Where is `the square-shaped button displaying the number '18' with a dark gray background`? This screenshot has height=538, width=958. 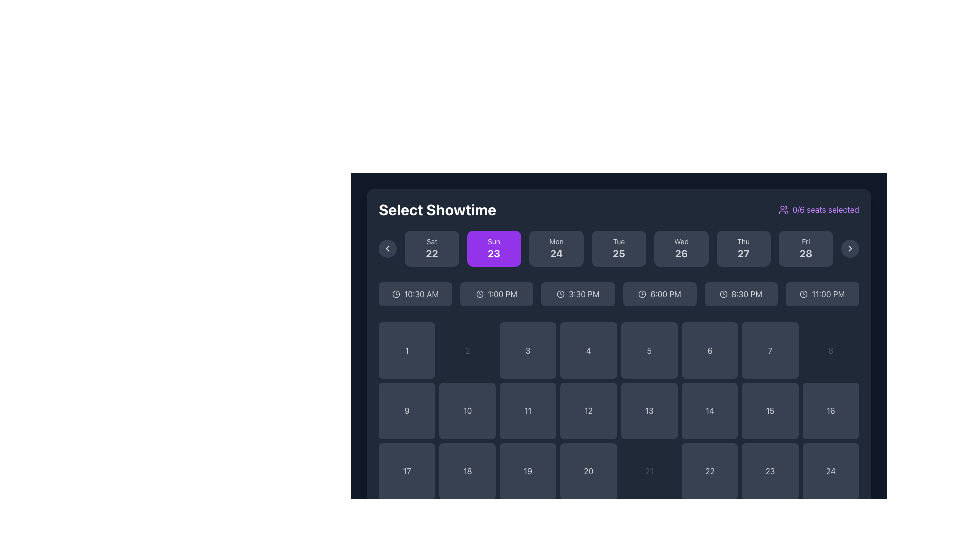 the square-shaped button displaying the number '18' with a dark gray background is located at coordinates (467, 471).